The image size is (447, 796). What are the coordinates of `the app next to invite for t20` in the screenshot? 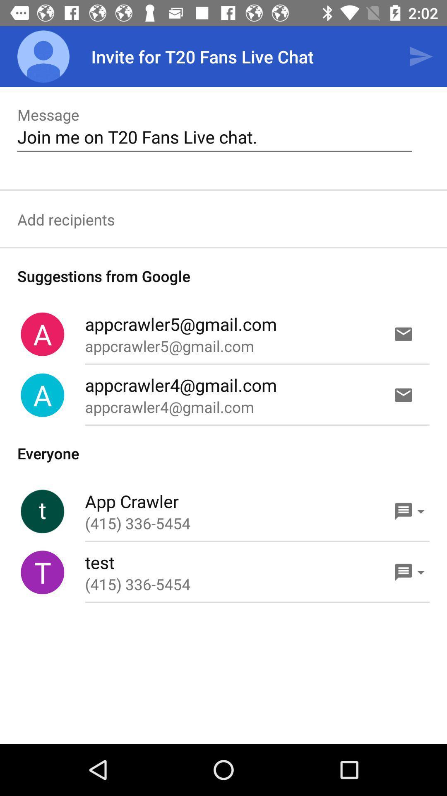 It's located at (43, 56).